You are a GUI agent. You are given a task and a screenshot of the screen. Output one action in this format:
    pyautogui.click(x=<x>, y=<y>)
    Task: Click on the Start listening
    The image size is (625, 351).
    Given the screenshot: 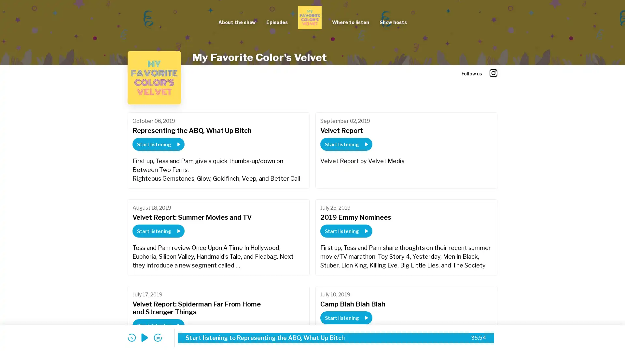 What is the action you would take?
    pyautogui.click(x=346, y=230)
    